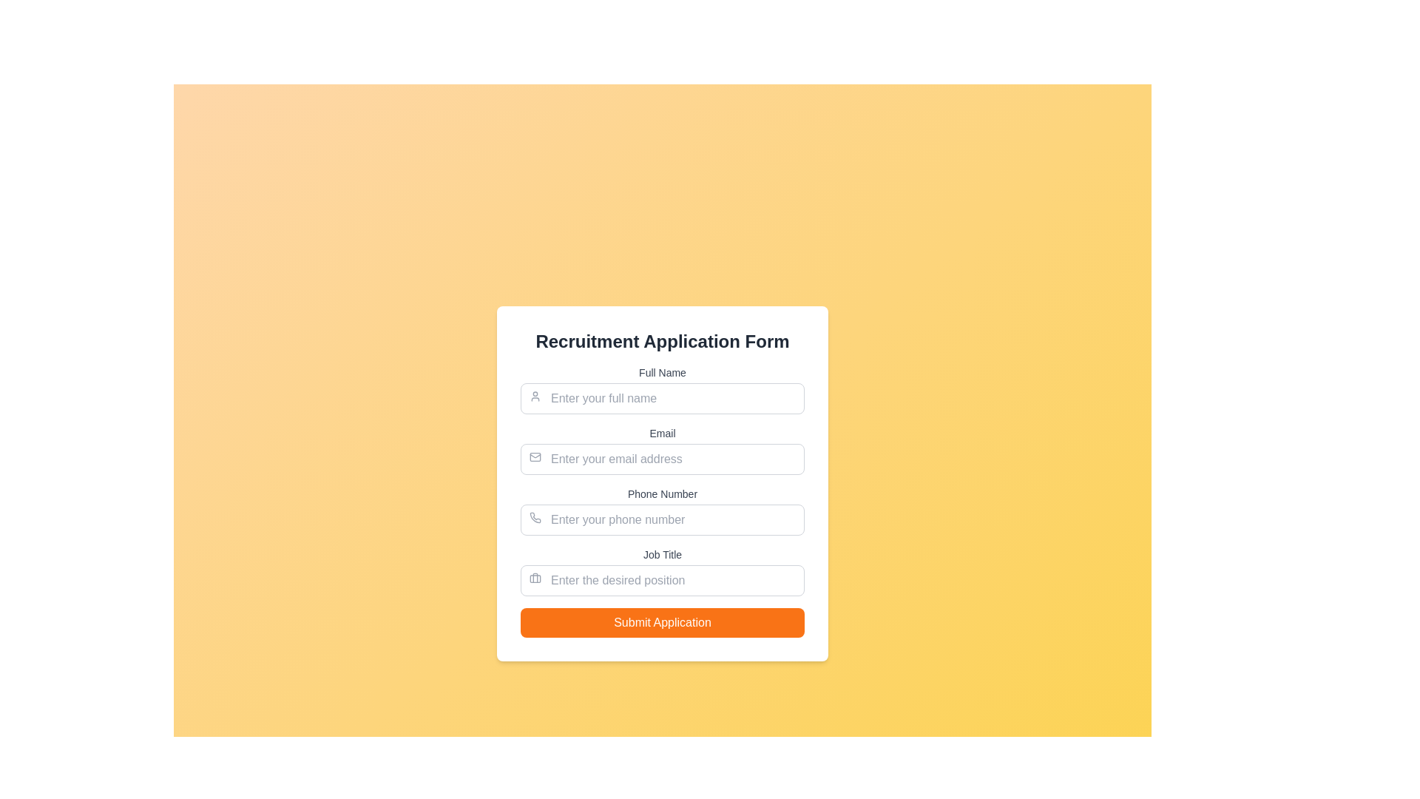 The height and width of the screenshot is (799, 1420). I want to click on on the text input field for phone number located in the third section of the form, so click(662, 519).